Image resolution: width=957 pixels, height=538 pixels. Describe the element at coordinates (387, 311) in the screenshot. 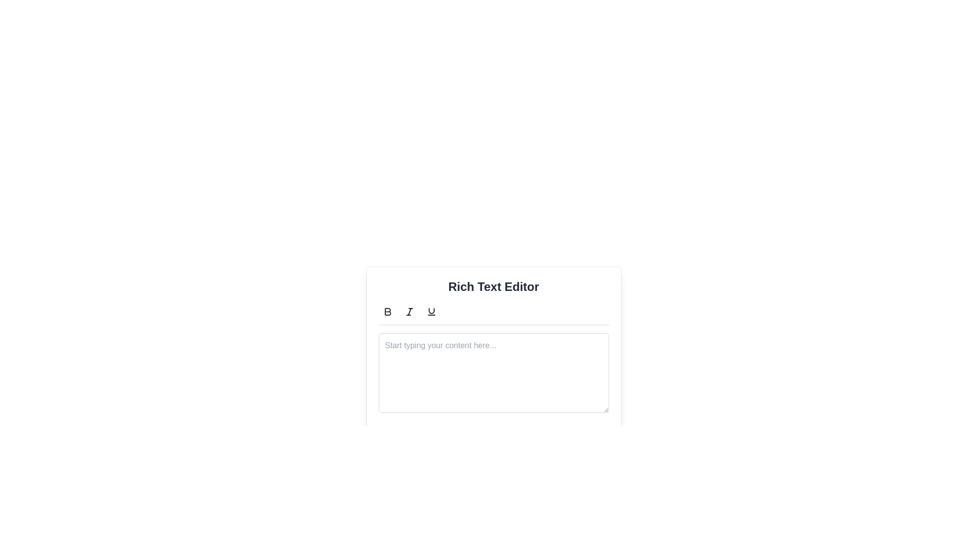

I see `the bold text formatting button located in the top-left corner of the rich text editor panel` at that location.